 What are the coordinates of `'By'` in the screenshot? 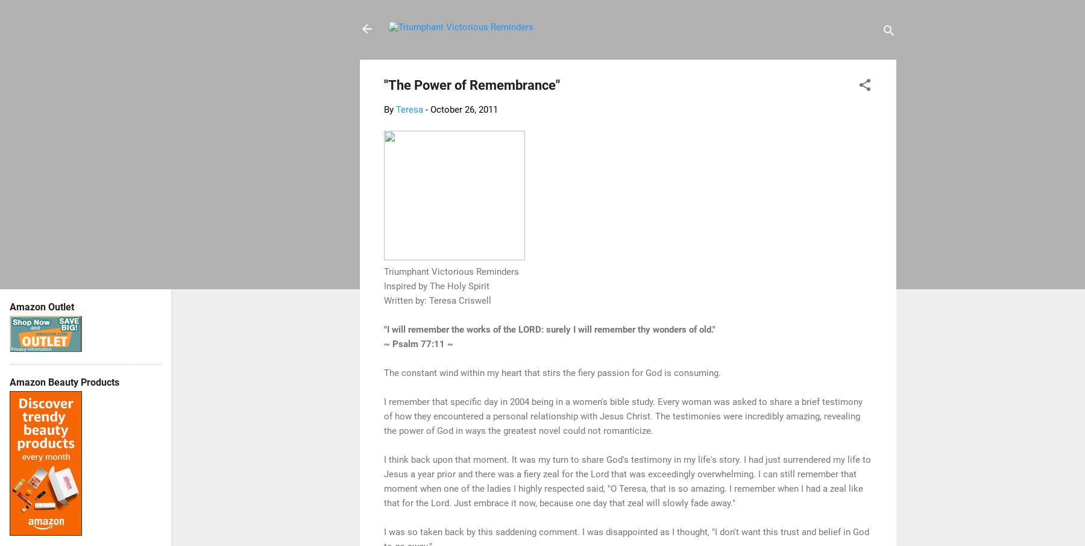 It's located at (384, 109).